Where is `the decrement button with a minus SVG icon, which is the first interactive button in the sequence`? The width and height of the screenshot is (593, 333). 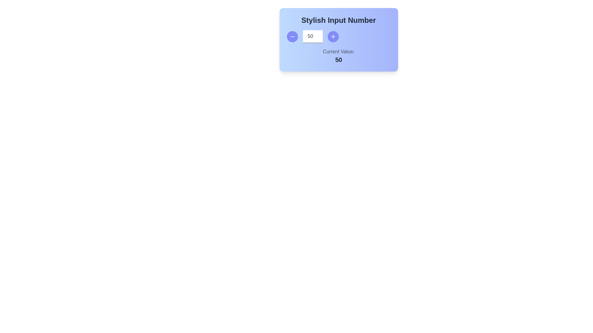
the decrement button with a minus SVG icon, which is the first interactive button in the sequence is located at coordinates (292, 37).